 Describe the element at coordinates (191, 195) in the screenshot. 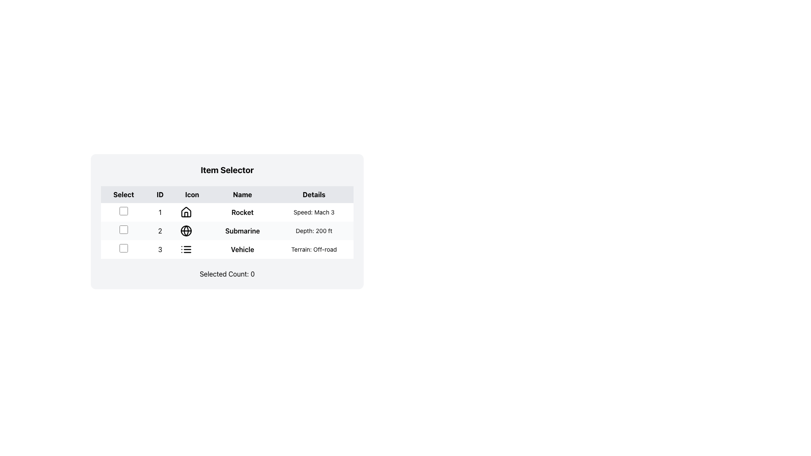

I see `the 'Icon' column header in the 'Item Selector' table, which is located in the third column between 'ID' and 'Name'` at that location.